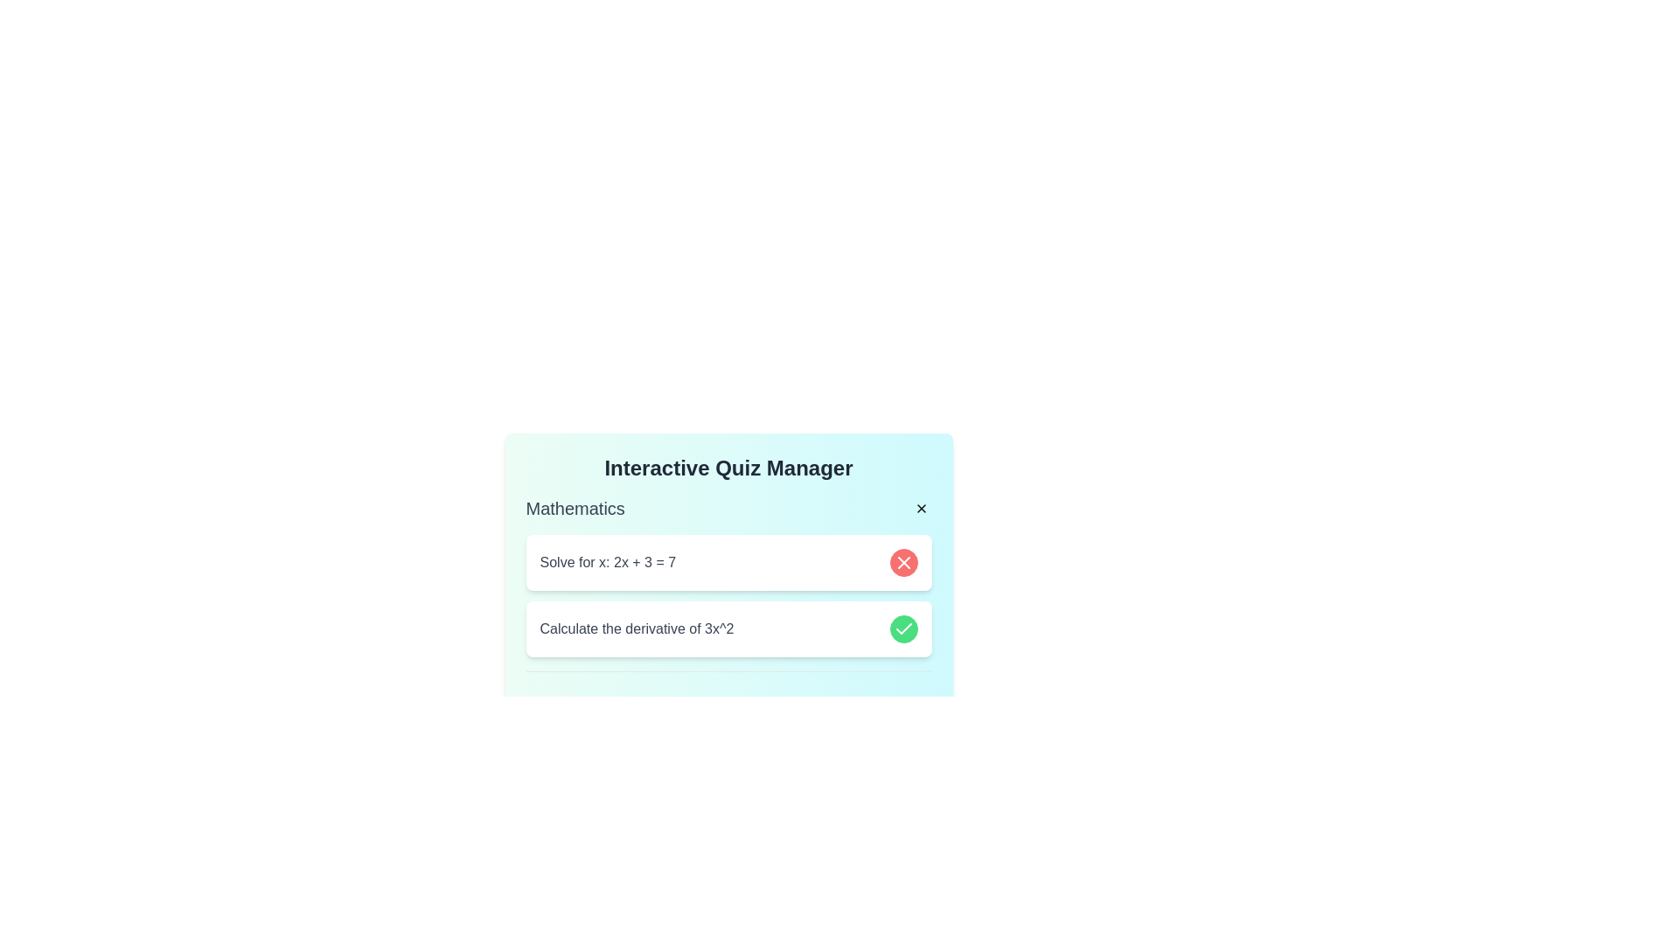  What do you see at coordinates (728, 613) in the screenshot?
I see `the green button on the second question card below the heading 'Mathematics' in the 'Interactive Quiz Manager' section to confirm the answer` at bounding box center [728, 613].